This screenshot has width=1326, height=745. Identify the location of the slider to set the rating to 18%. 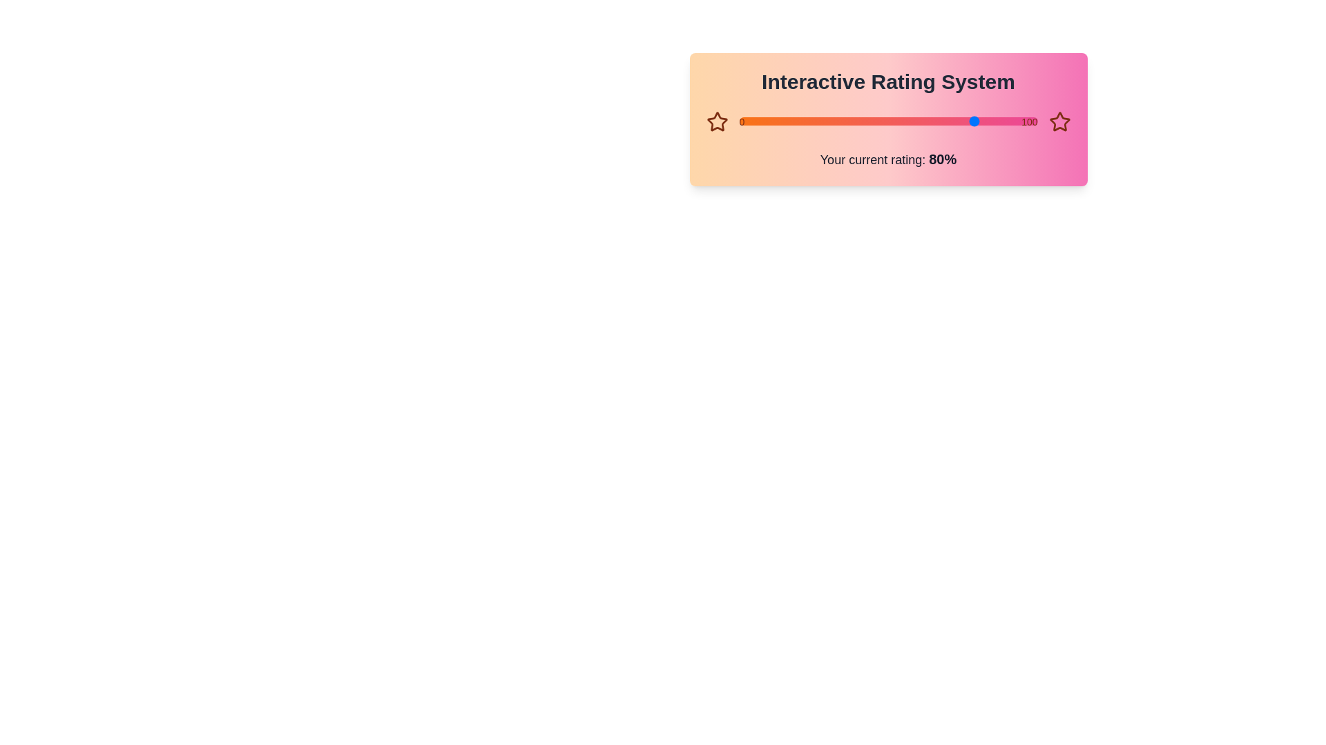
(738, 121).